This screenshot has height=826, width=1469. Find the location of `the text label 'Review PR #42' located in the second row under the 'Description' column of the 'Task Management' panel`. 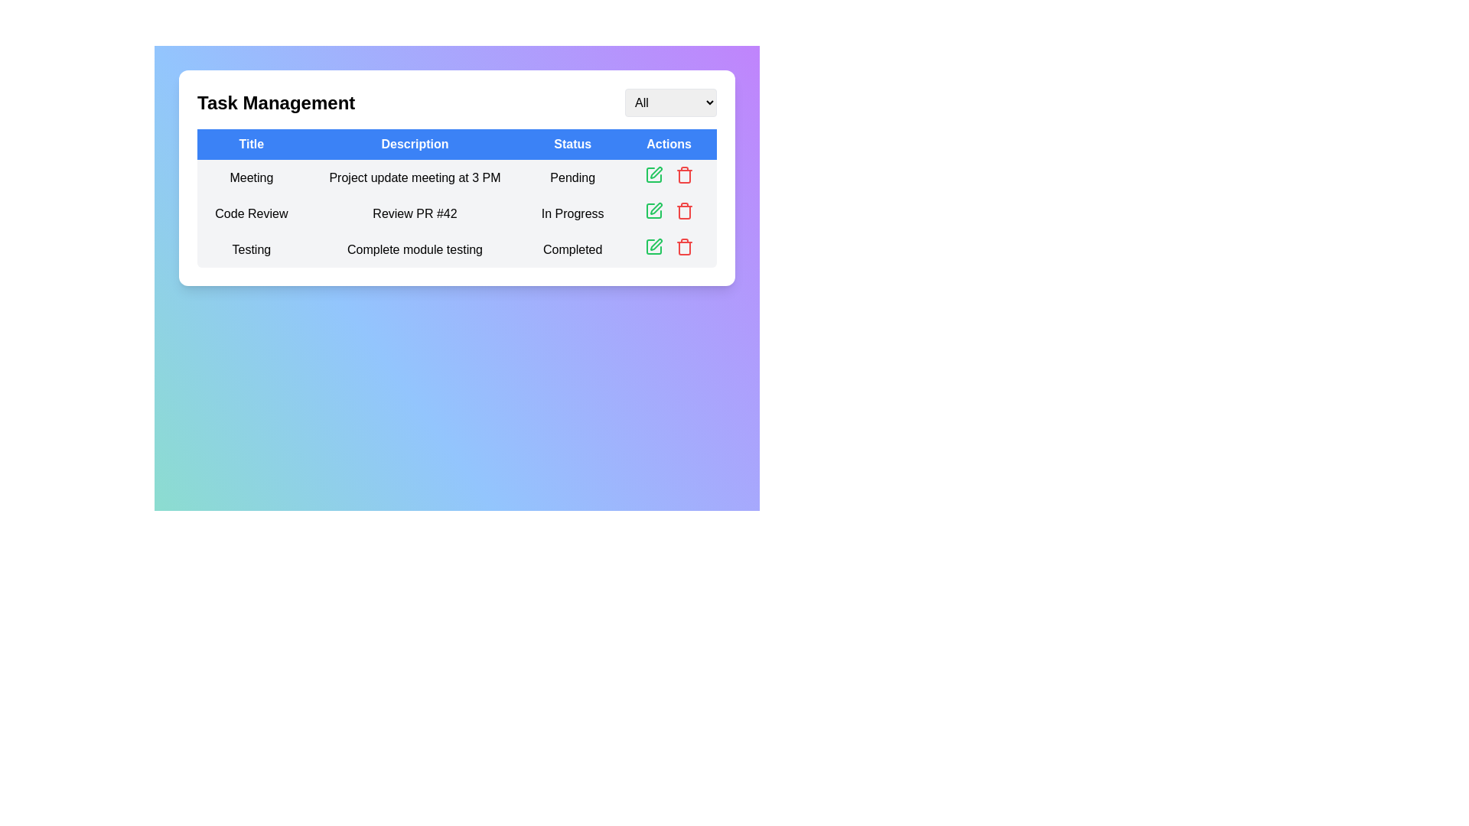

the text label 'Review PR #42' located in the second row under the 'Description' column of the 'Task Management' panel is located at coordinates (415, 213).